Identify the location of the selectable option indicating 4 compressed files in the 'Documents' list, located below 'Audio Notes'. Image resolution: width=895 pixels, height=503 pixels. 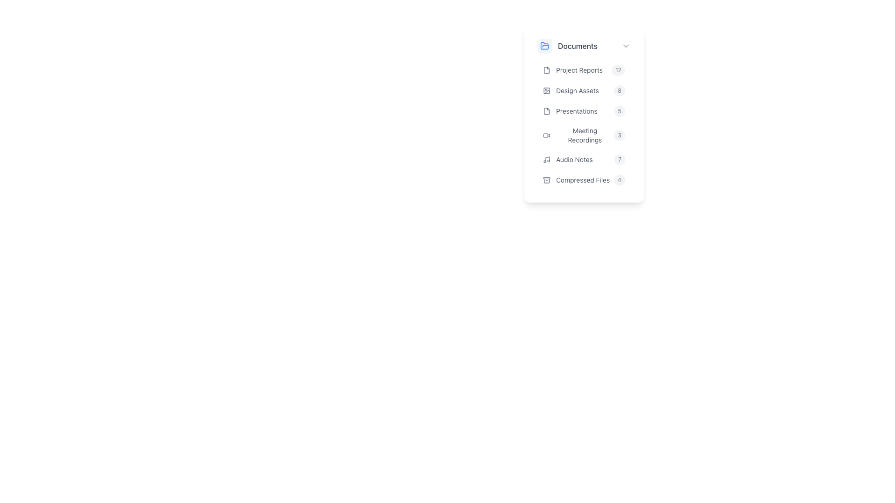
(583, 180).